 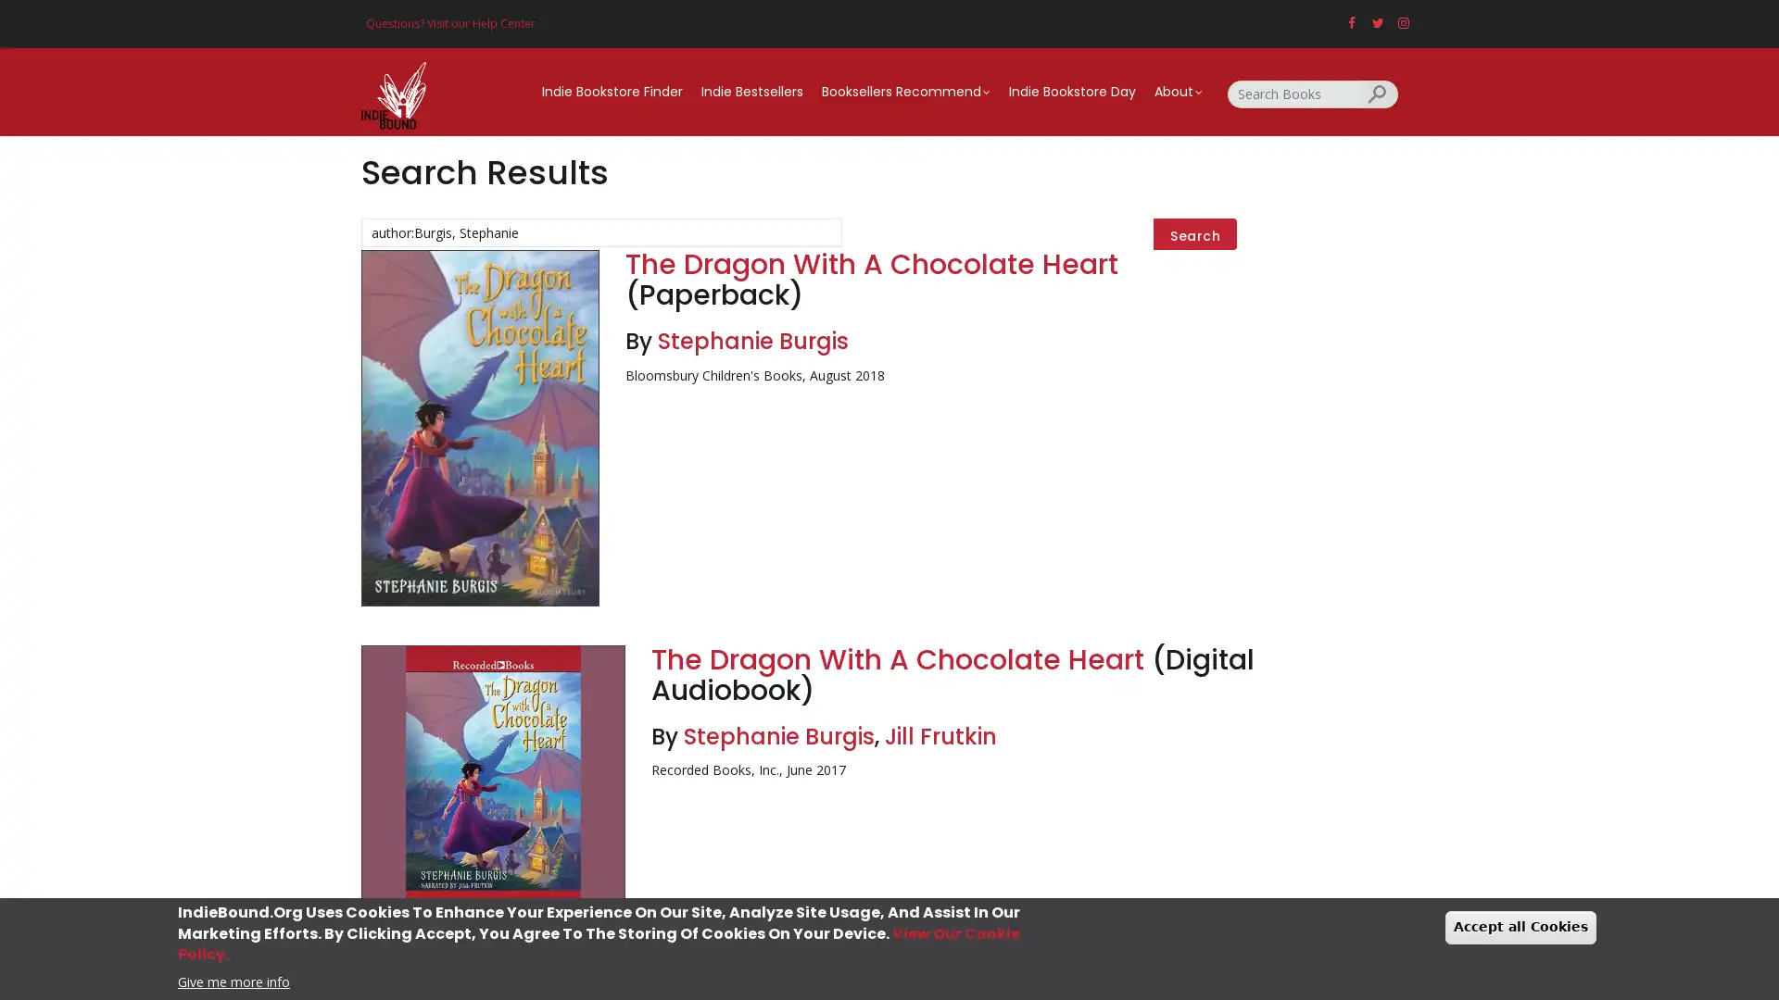 I want to click on Accept all Cookies, so click(x=1520, y=927).